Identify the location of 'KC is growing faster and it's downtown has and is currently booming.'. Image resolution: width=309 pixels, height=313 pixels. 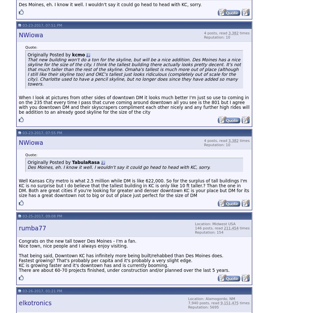
(93, 265).